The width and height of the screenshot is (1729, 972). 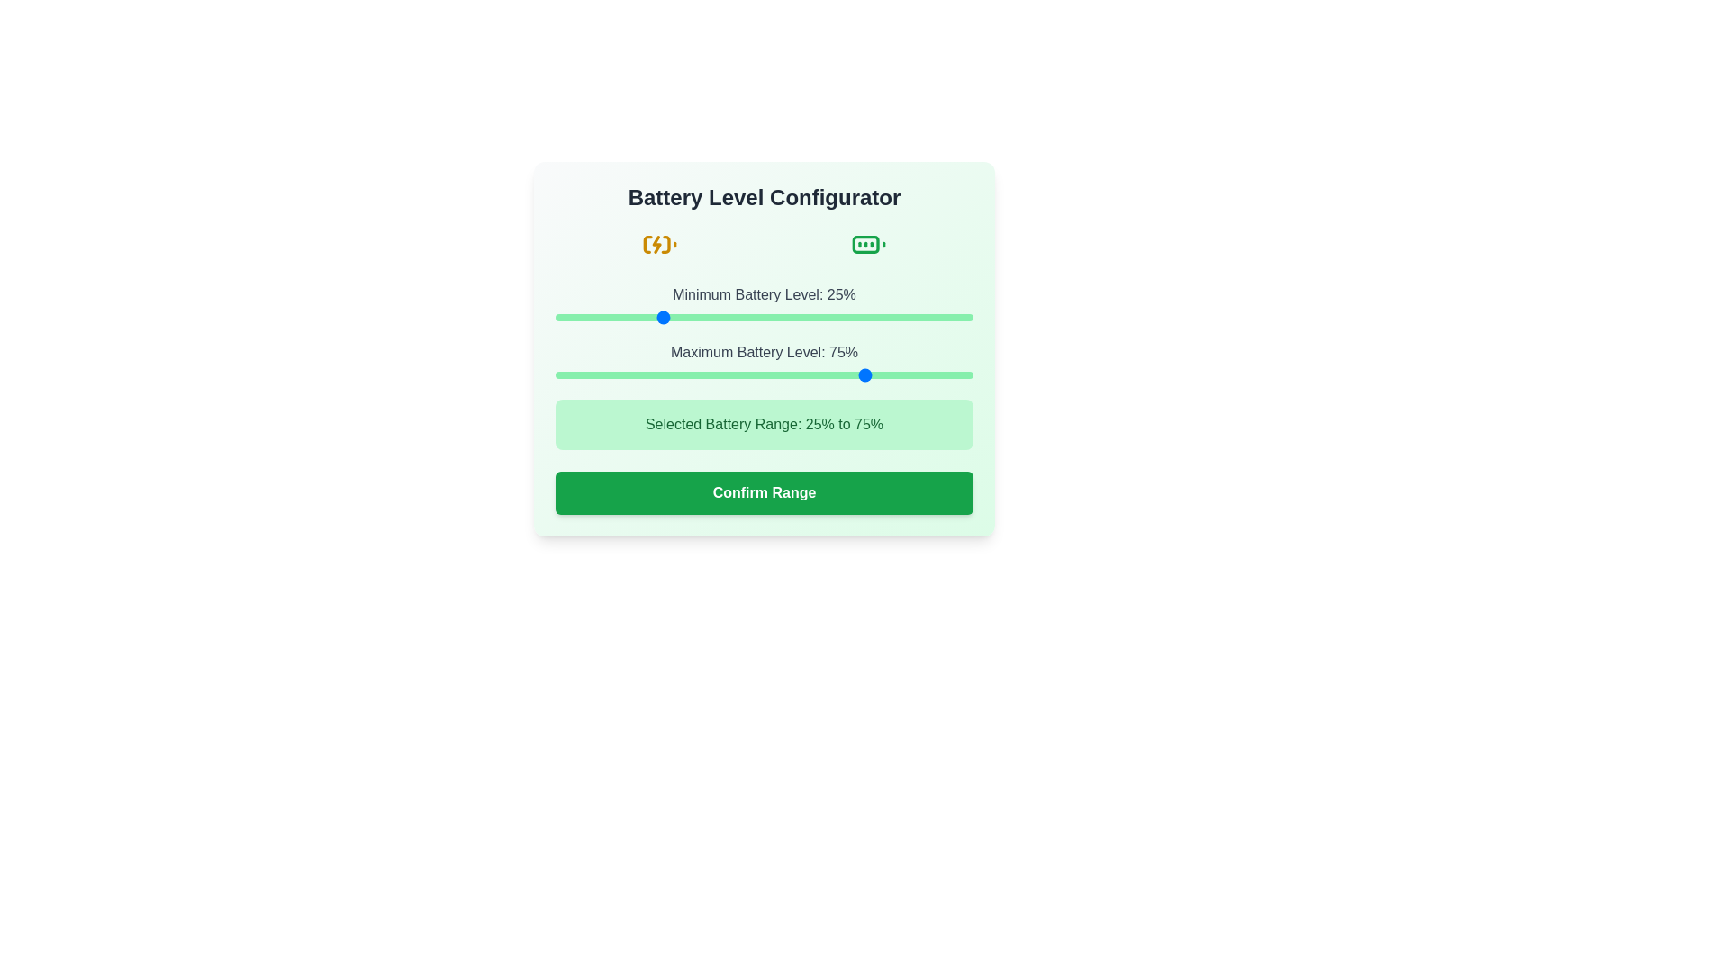 I want to click on the maximum battery level, so click(x=919, y=373).